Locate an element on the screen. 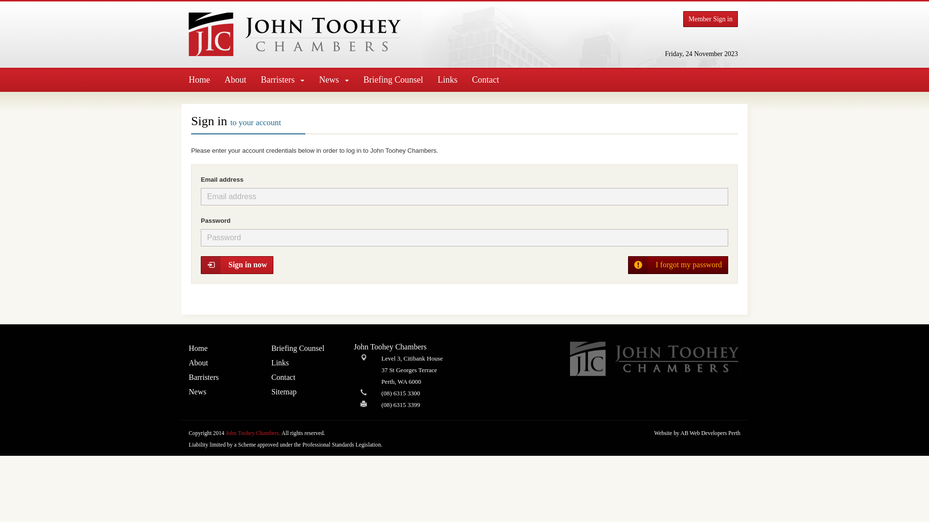  'News' is located at coordinates (222, 391).